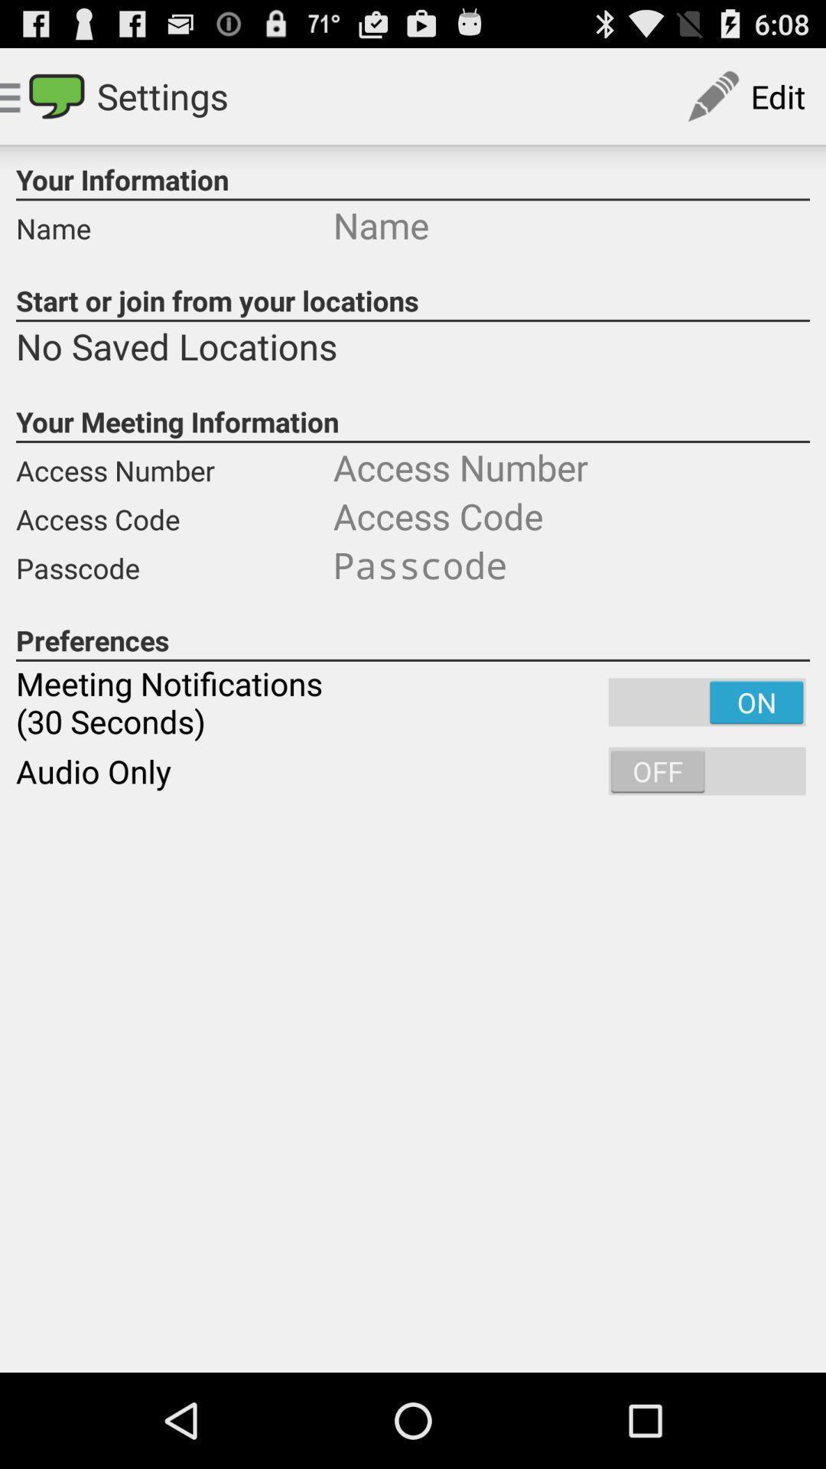 The height and width of the screenshot is (1469, 826). What do you see at coordinates (745, 95) in the screenshot?
I see `edit button` at bounding box center [745, 95].